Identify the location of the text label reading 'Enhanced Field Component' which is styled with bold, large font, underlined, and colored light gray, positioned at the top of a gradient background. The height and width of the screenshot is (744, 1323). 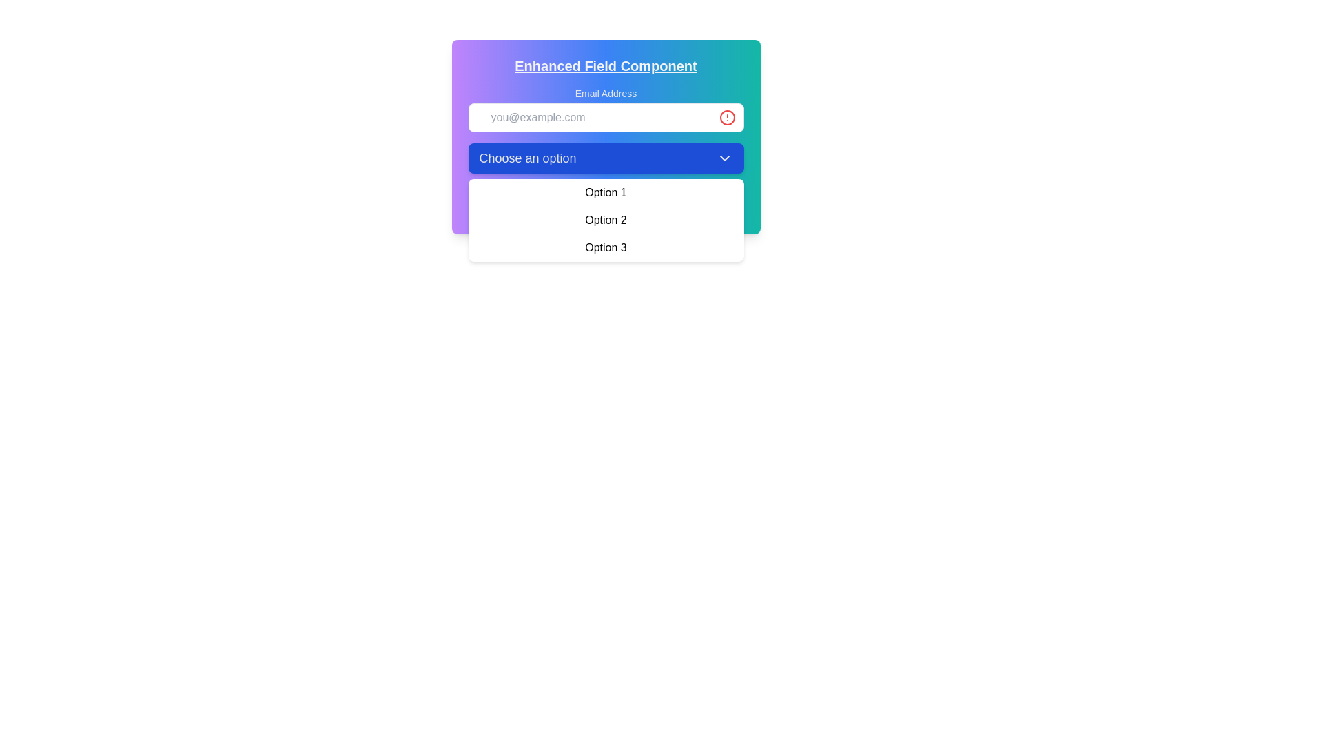
(606, 66).